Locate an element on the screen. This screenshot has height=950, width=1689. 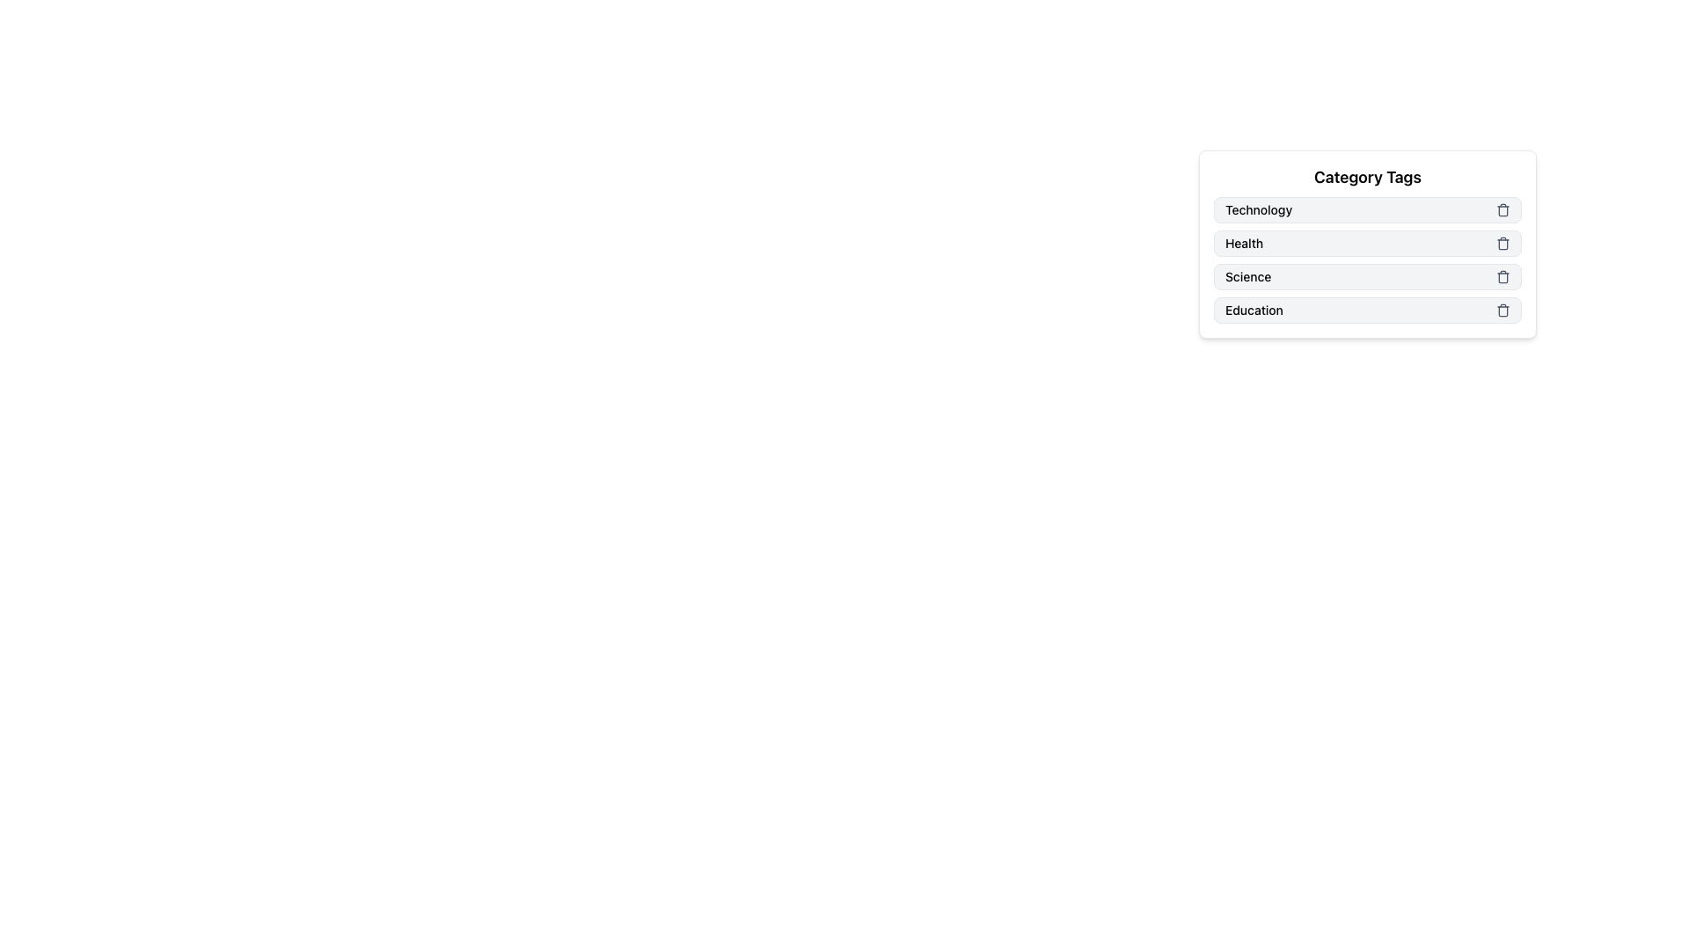
the 'Health' list item within the 'Category Tags' section for keyboard navigation is located at coordinates (1367, 244).